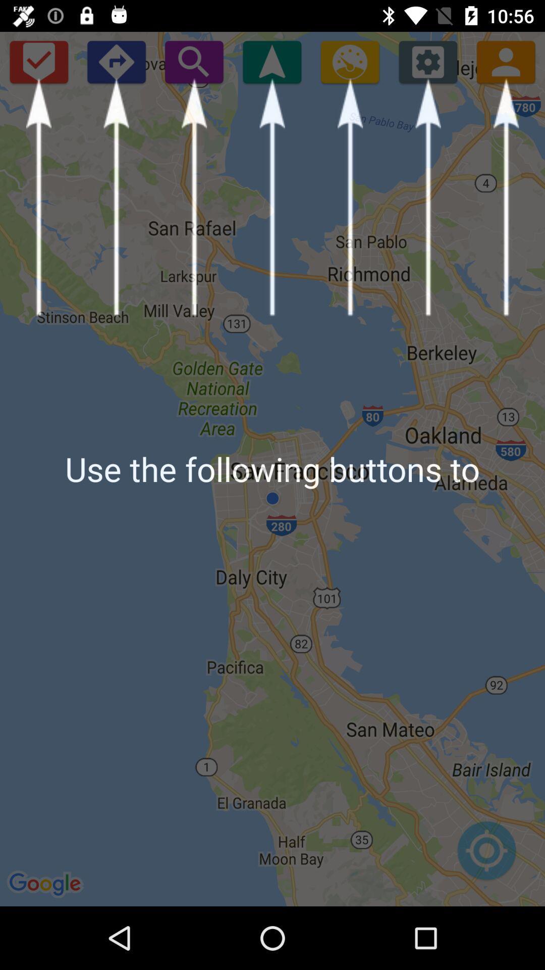 This screenshot has height=970, width=545. Describe the element at coordinates (116, 61) in the screenshot. I see `the redo icon` at that location.